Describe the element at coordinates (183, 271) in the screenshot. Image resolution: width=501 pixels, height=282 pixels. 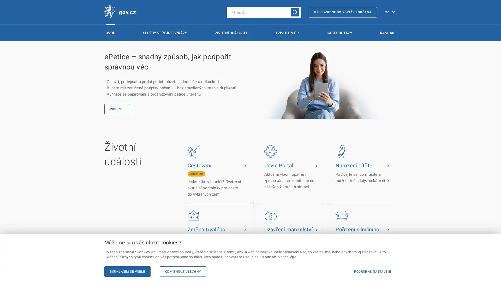
I see `ODMITNOUT VSECHNY` at that location.